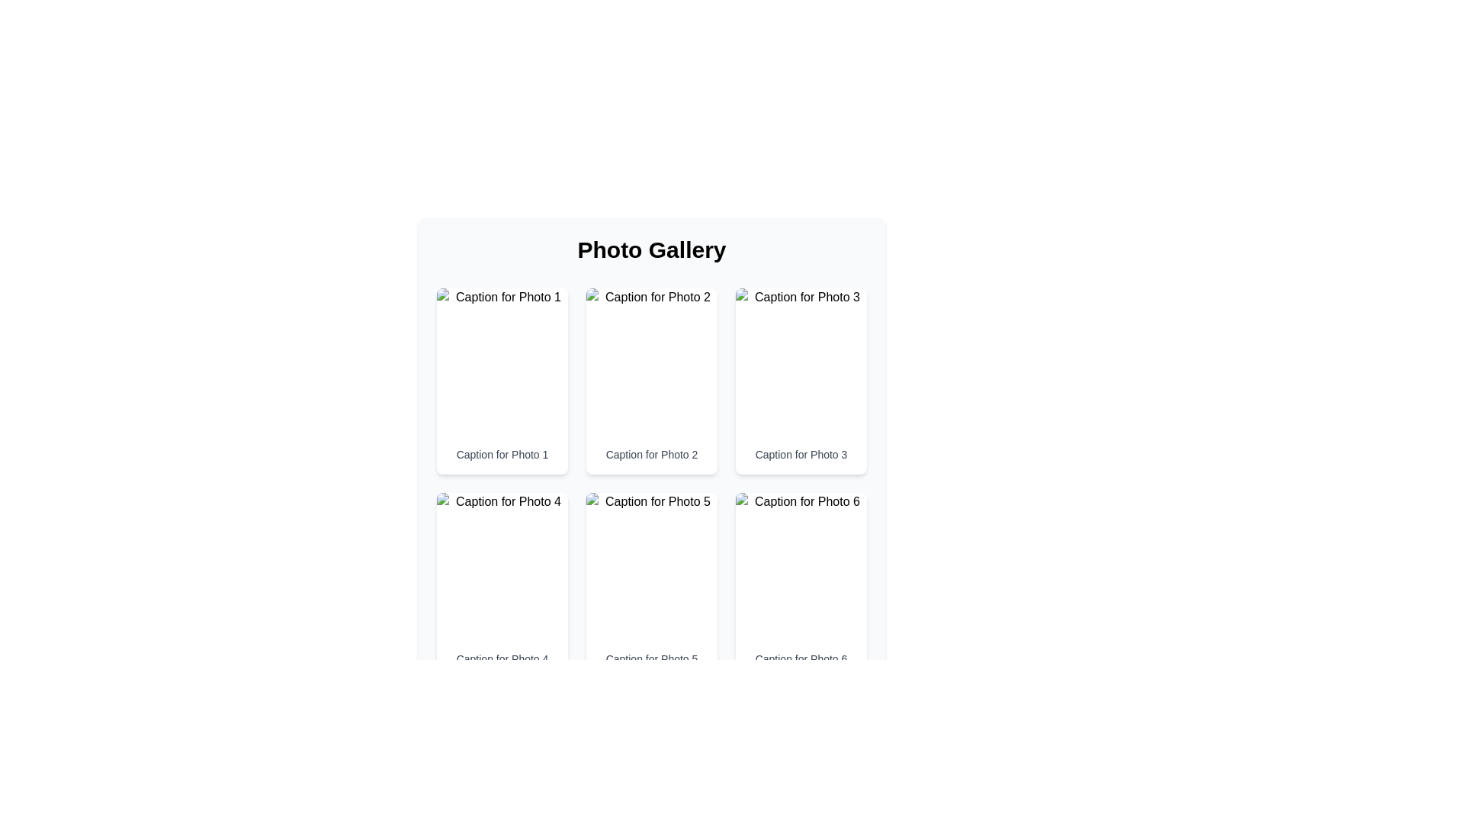 The image size is (1464, 824). I want to click on the 'Photo Gallery' text label, which is a bold, large-sized text centrally aligned at the top of the layout, so click(651, 249).